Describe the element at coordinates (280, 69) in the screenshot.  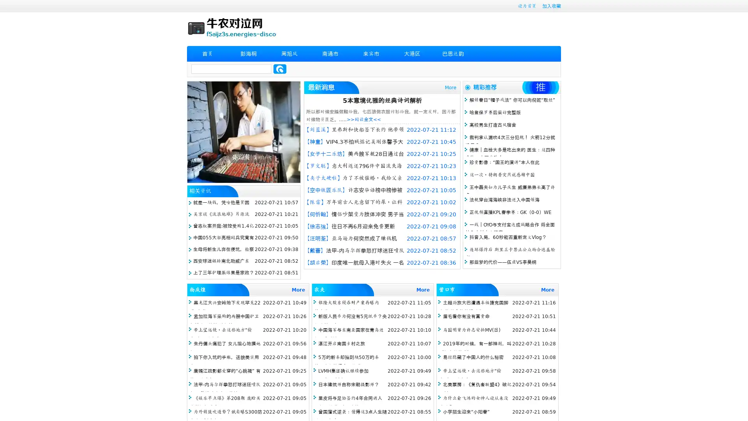
I see `Search` at that location.